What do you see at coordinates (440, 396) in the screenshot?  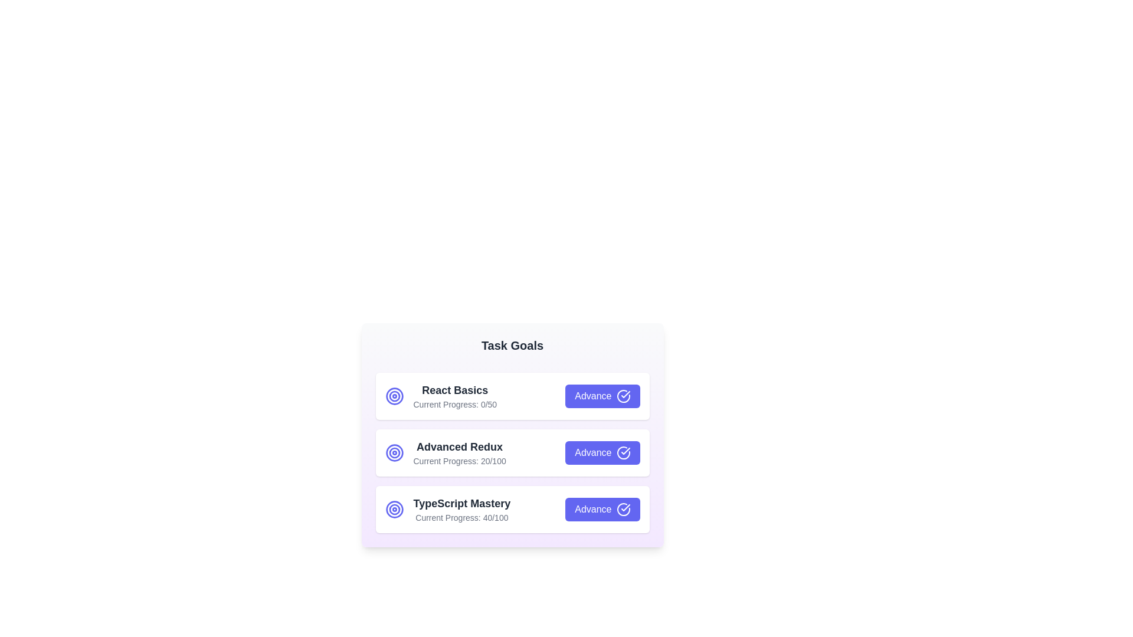 I see `the progress information of the React Basics course by clicking on the first List Item with Icon and Text in the Task Goals box` at bounding box center [440, 396].